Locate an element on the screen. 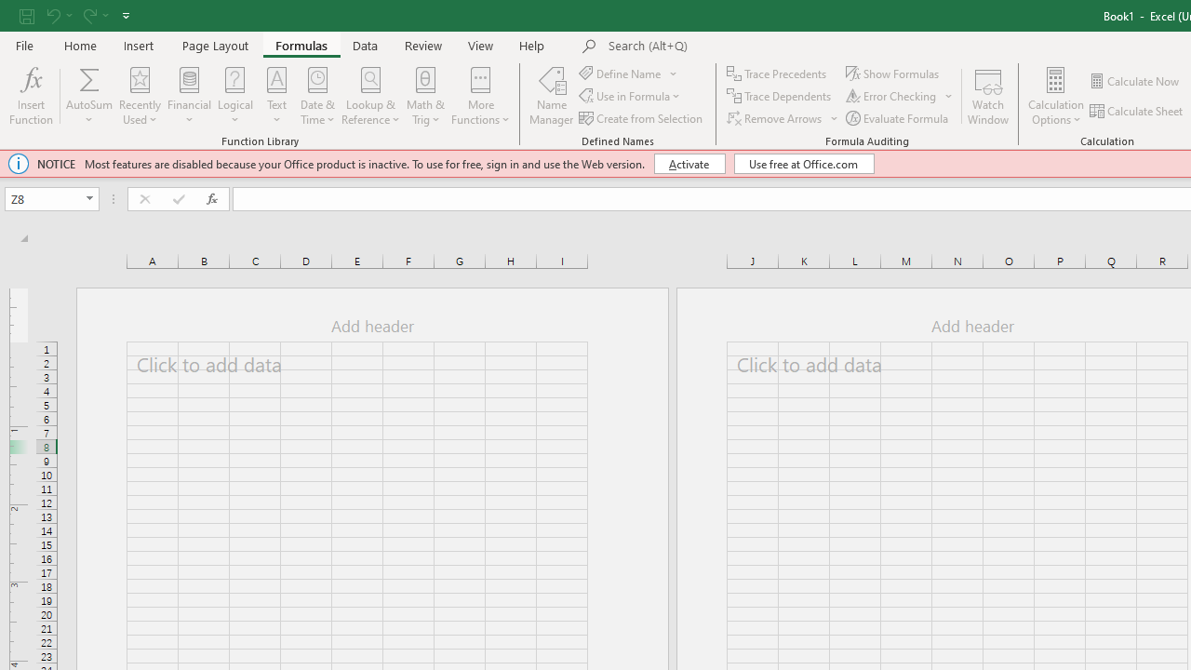 The width and height of the screenshot is (1191, 670). 'Error Checking...' is located at coordinates (900, 96).